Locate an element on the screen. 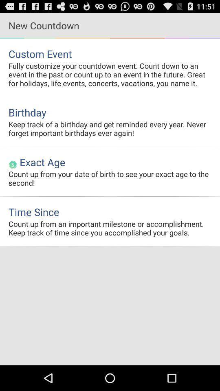 Image resolution: width=220 pixels, height=391 pixels. icon below the custom event item is located at coordinates (110, 74).